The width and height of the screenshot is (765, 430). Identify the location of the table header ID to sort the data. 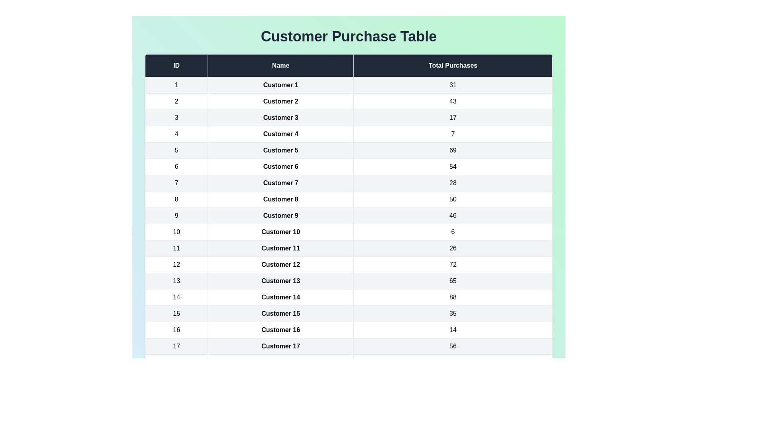
(176, 65).